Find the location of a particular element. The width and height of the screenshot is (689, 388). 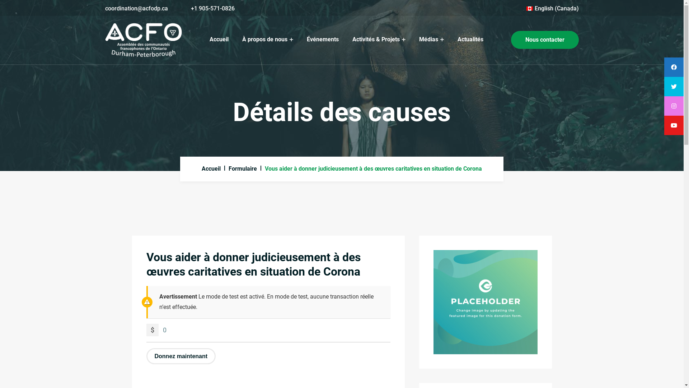

'Accueil' is located at coordinates (211, 168).